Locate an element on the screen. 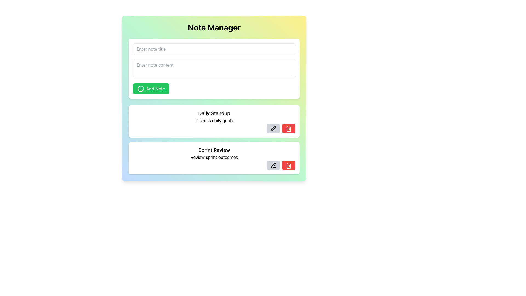  the Edit icon, which is a pen-shaped icon located within the actionable panel adjacent to the 'Sprint Review' note card, to initiate editing is located at coordinates (273, 165).